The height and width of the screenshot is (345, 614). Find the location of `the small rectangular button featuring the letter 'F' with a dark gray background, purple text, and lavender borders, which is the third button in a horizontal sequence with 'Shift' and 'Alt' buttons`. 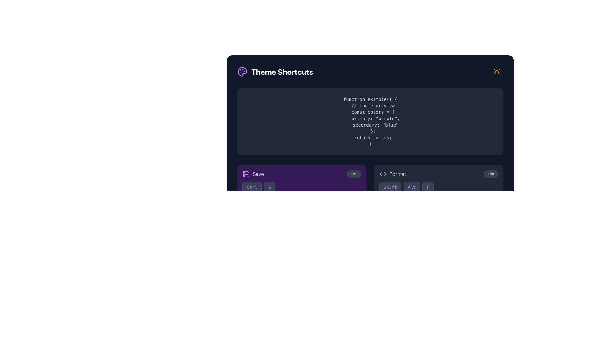

the small rectangular button featuring the letter 'F' with a dark gray background, purple text, and lavender borders, which is the third button in a horizontal sequence with 'Shift' and 'Alt' buttons is located at coordinates (428, 187).